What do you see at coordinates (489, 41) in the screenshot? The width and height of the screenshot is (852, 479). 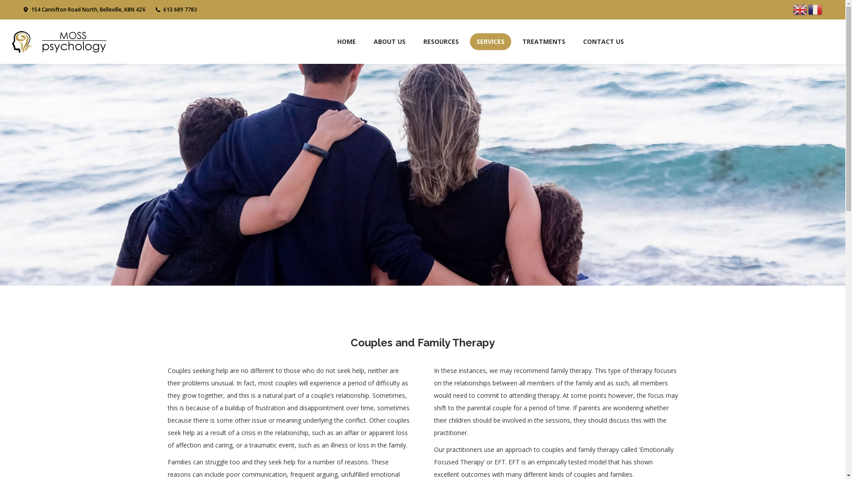 I see `'SERVICES'` at bounding box center [489, 41].